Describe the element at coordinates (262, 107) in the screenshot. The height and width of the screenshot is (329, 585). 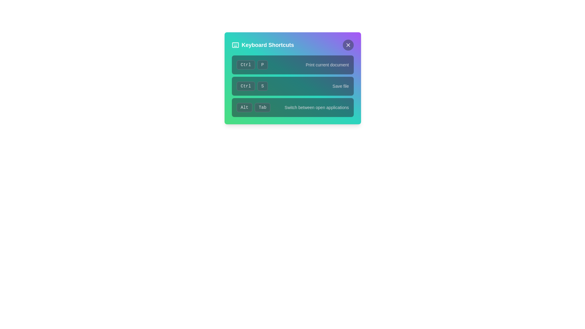
I see `the Static Label Button labeled 'Tab', which displays white text on a gray button with rounded corners, located in the Keyboard Shortcuts panel` at that location.